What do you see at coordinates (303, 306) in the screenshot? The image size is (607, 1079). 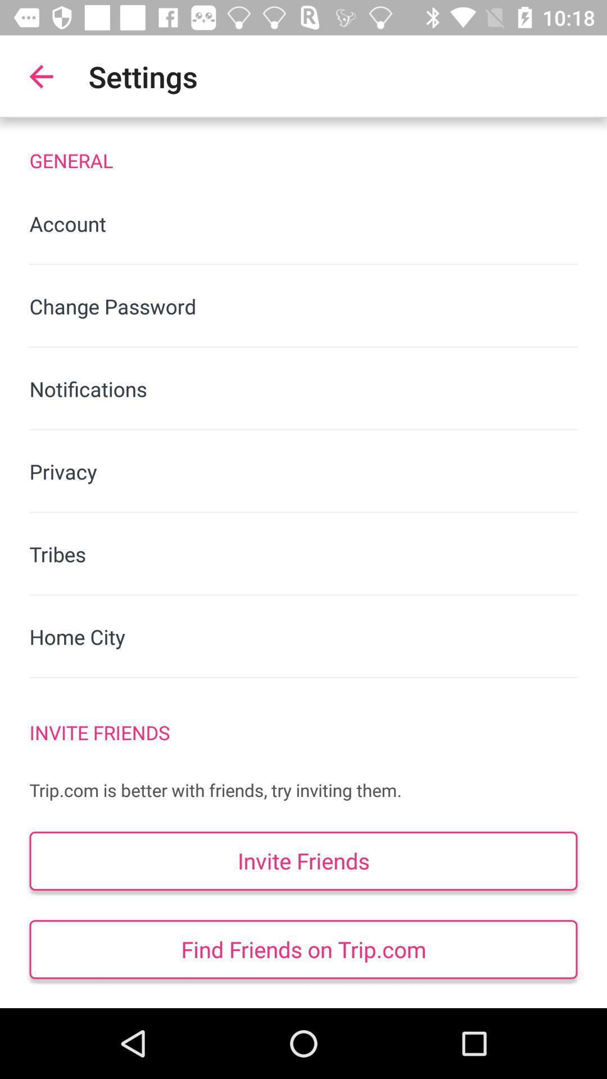 I see `change password item` at bounding box center [303, 306].